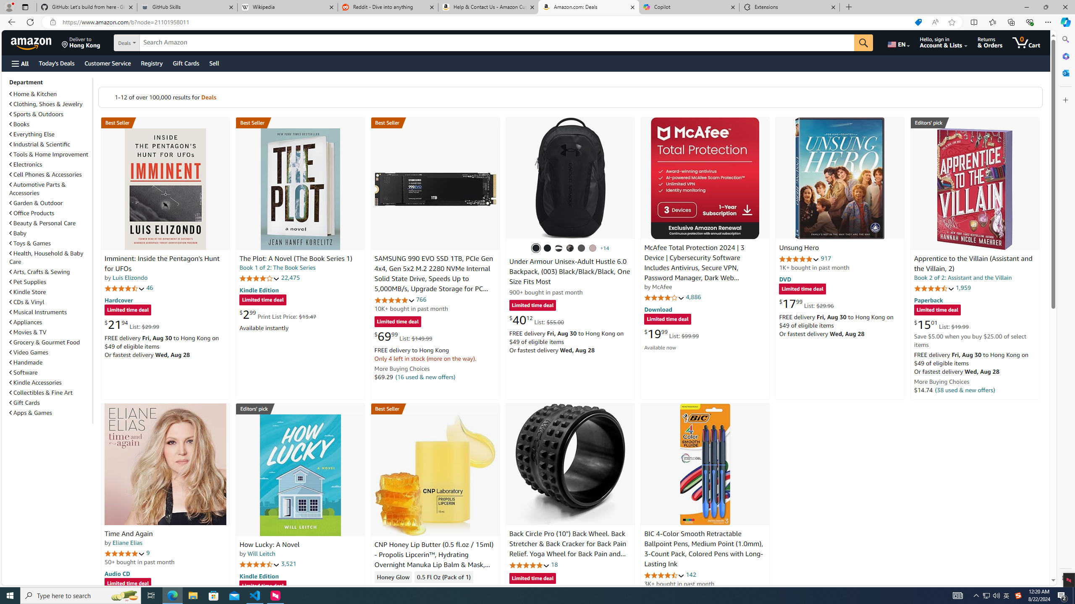  What do you see at coordinates (50, 164) in the screenshot?
I see `'Electronics'` at bounding box center [50, 164].